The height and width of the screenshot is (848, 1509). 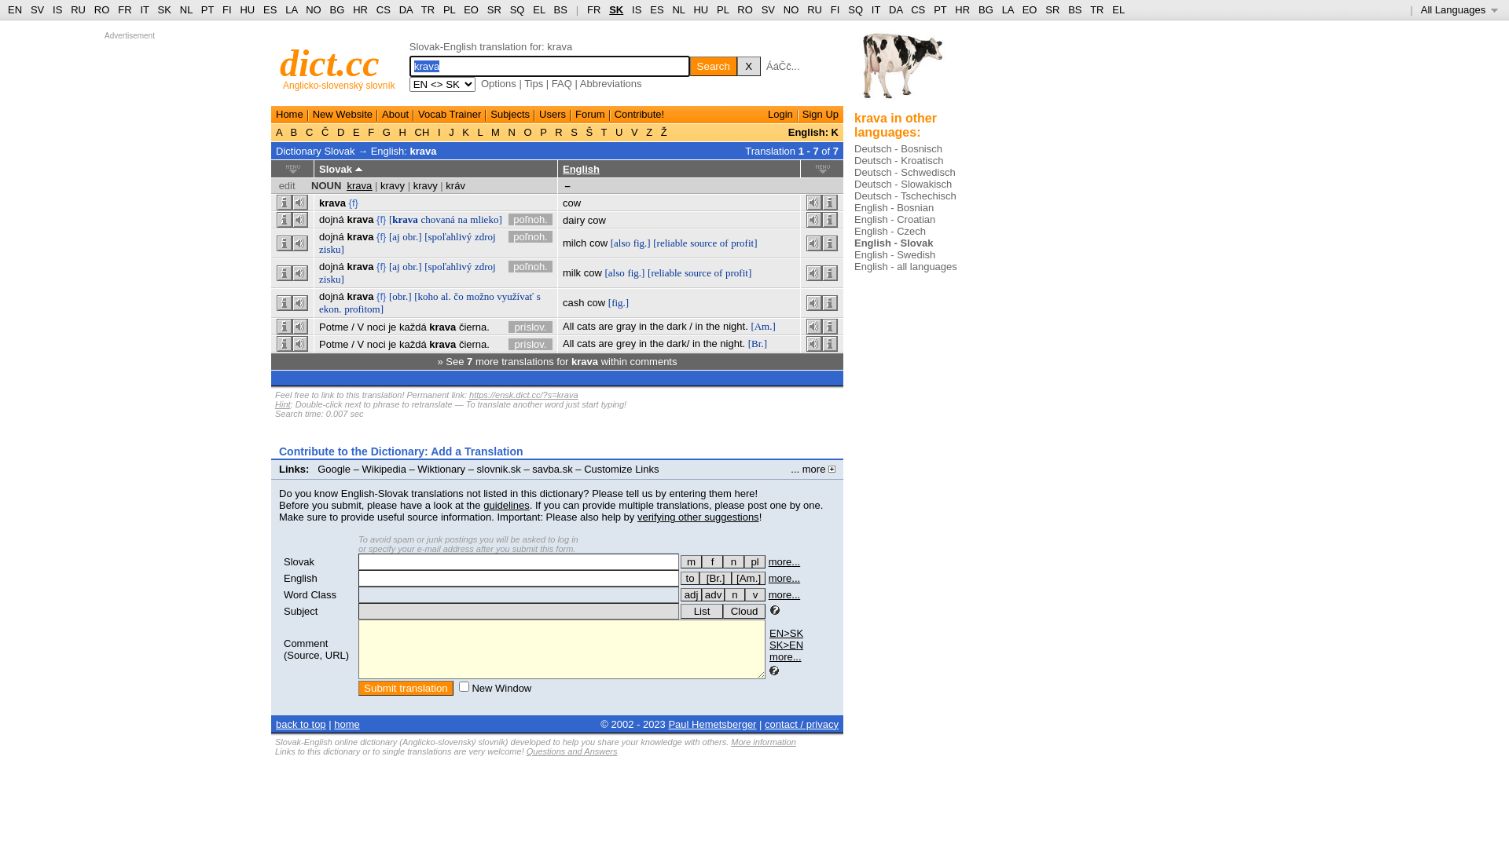 I want to click on 'English', so click(x=300, y=578).